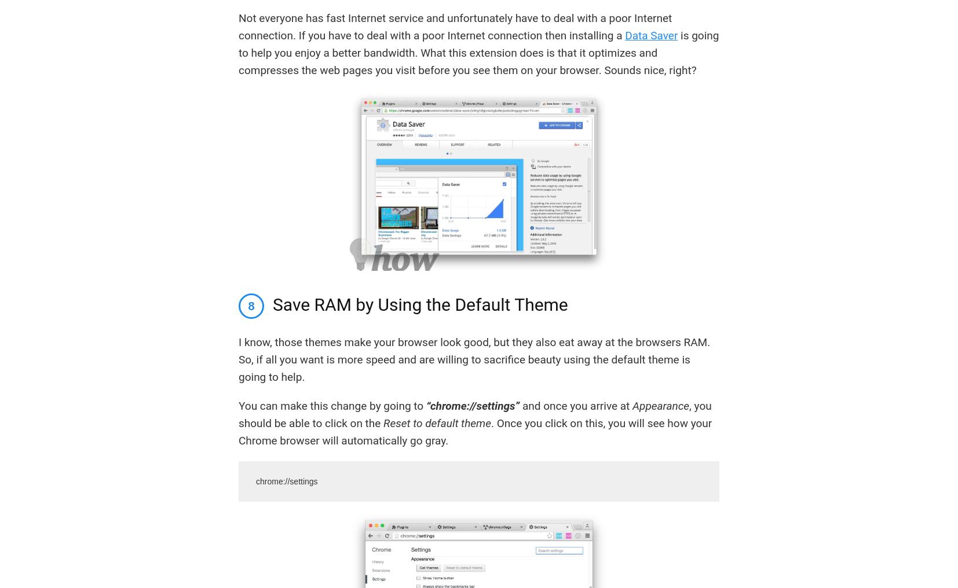 The image size is (958, 588). What do you see at coordinates (475, 414) in the screenshot?
I see `', you should be able to click on the'` at bounding box center [475, 414].